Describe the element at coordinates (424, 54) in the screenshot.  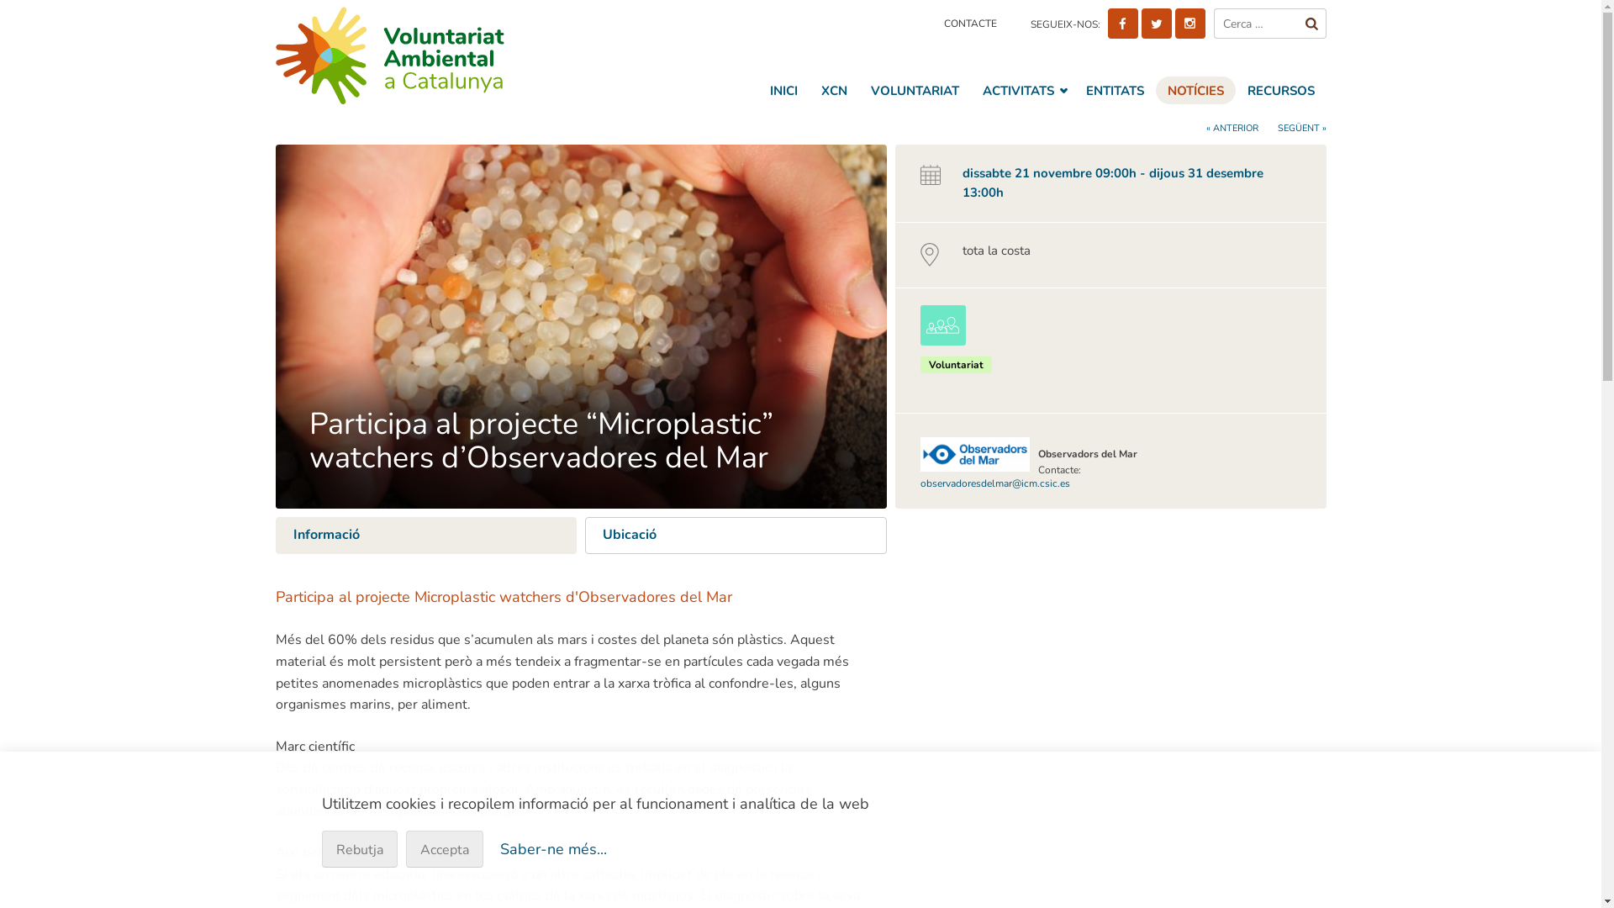
I see `'Voluntariat ambiental'` at that location.